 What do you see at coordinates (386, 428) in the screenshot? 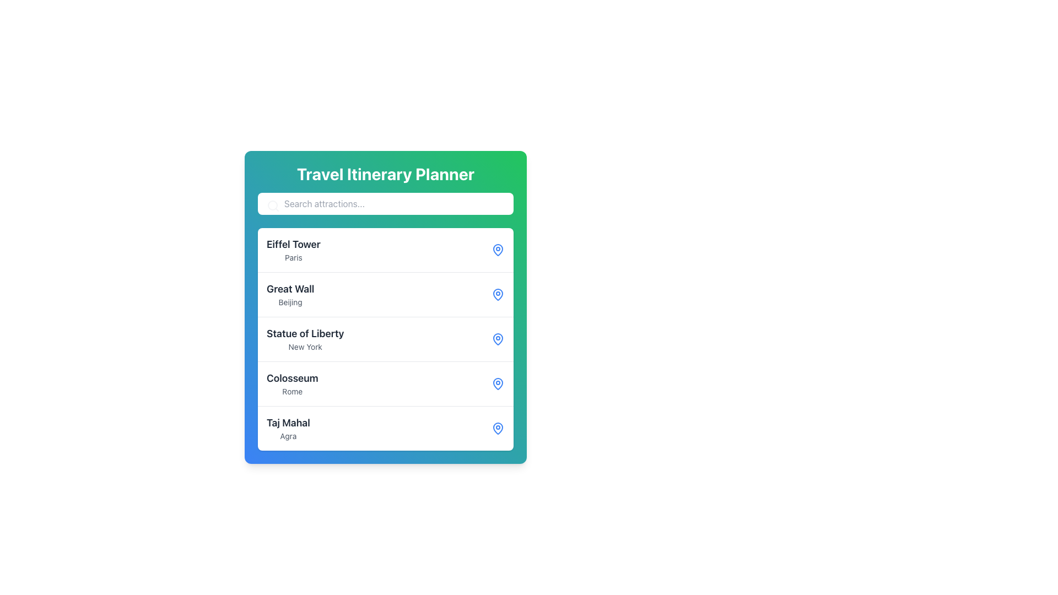
I see `the fifth list item representing the Taj Mahal in Agra` at bounding box center [386, 428].